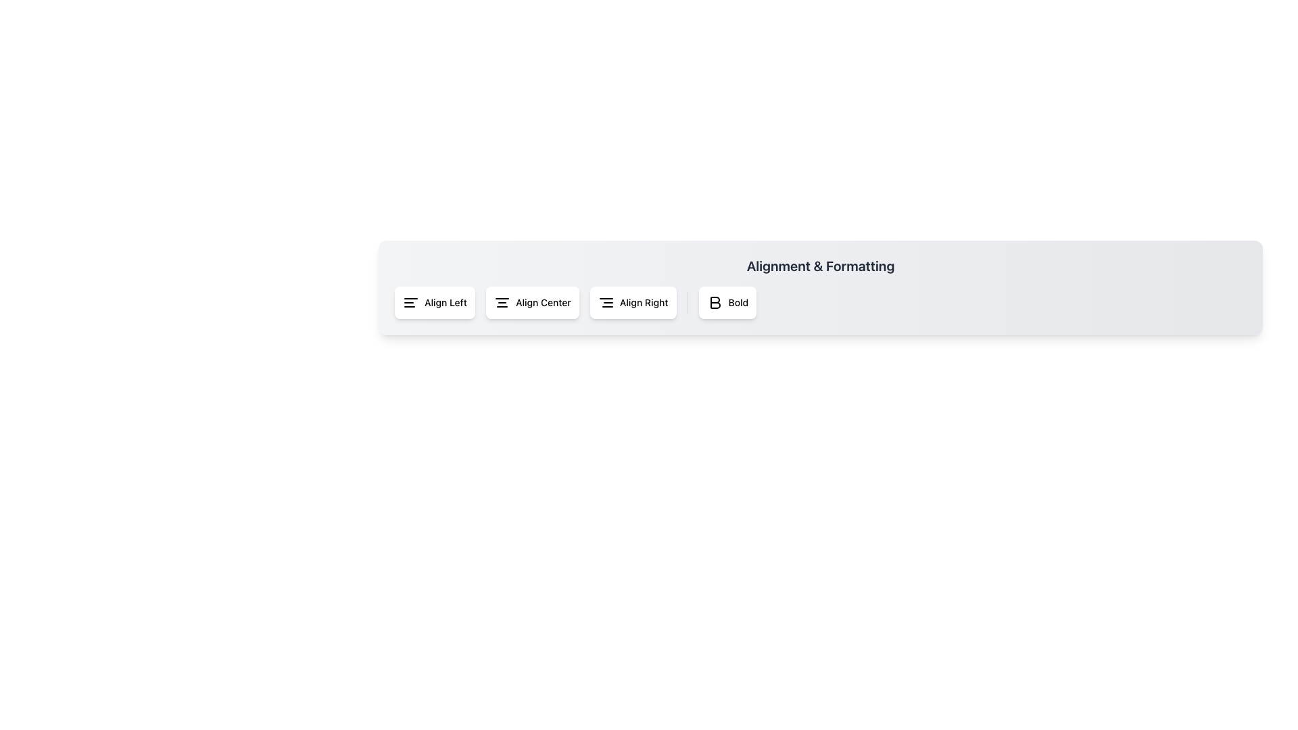 The height and width of the screenshot is (730, 1298). I want to click on the 'Align Left' button, which has a white background, rounded corners, and an icon of three horizontal lines, to apply left alignment, so click(435, 301).